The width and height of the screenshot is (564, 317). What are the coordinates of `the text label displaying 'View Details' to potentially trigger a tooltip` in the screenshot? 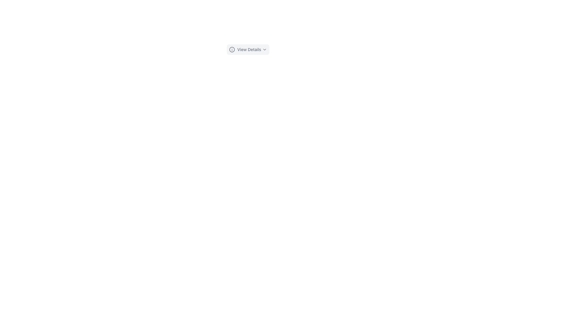 It's located at (249, 49).